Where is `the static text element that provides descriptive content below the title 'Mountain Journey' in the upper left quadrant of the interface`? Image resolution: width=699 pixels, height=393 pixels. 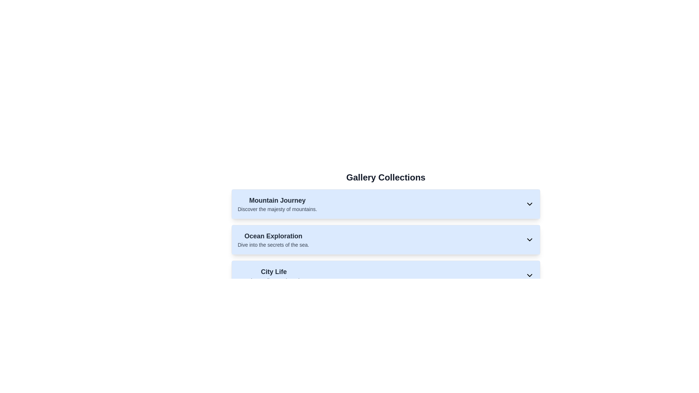
the static text element that provides descriptive content below the title 'Mountain Journey' in the upper left quadrant of the interface is located at coordinates (277, 209).